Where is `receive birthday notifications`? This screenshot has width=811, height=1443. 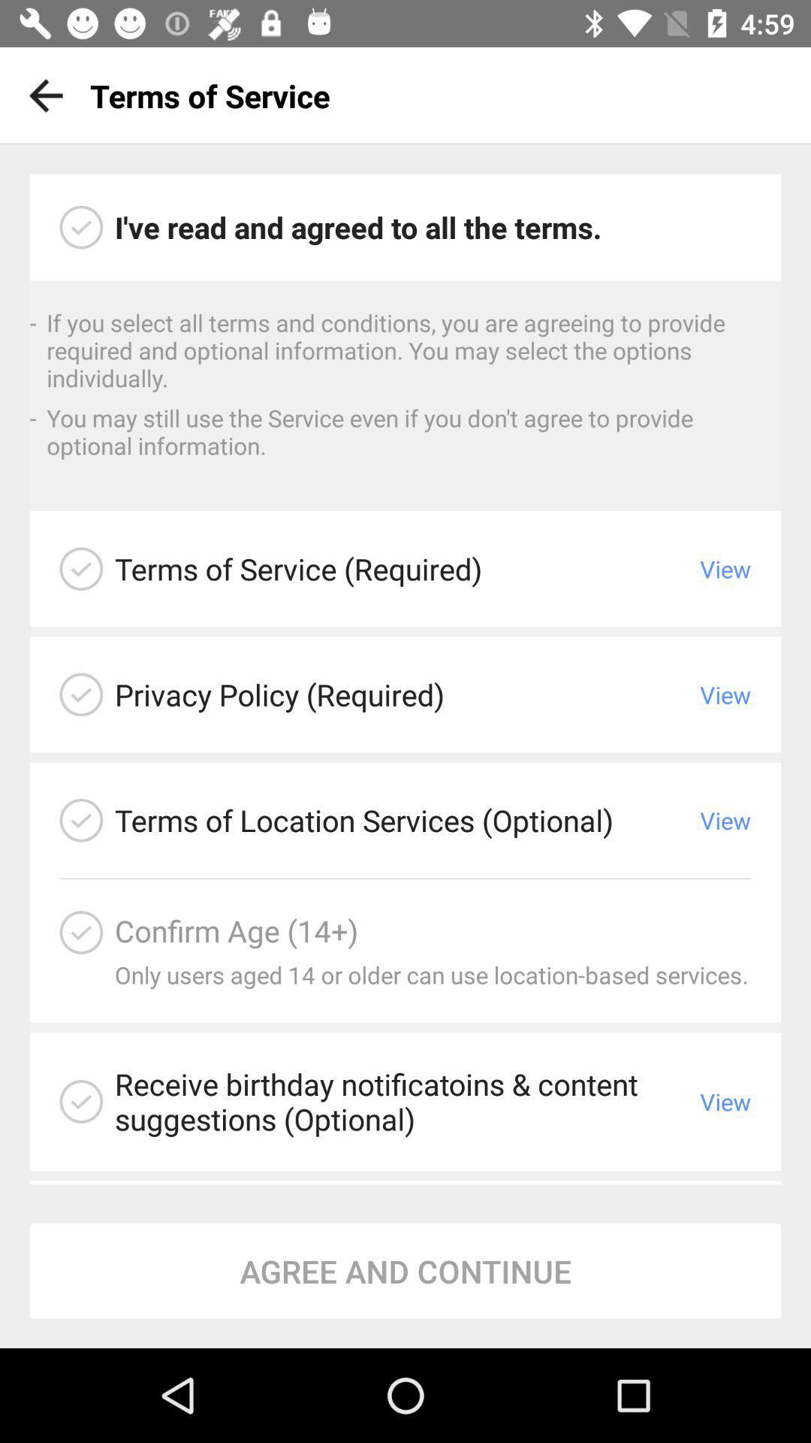
receive birthday notifications is located at coordinates (81, 1101).